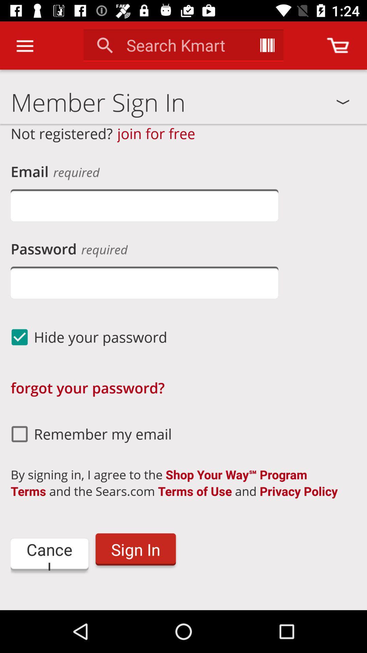  Describe the element at coordinates (156, 133) in the screenshot. I see `join for free item` at that location.